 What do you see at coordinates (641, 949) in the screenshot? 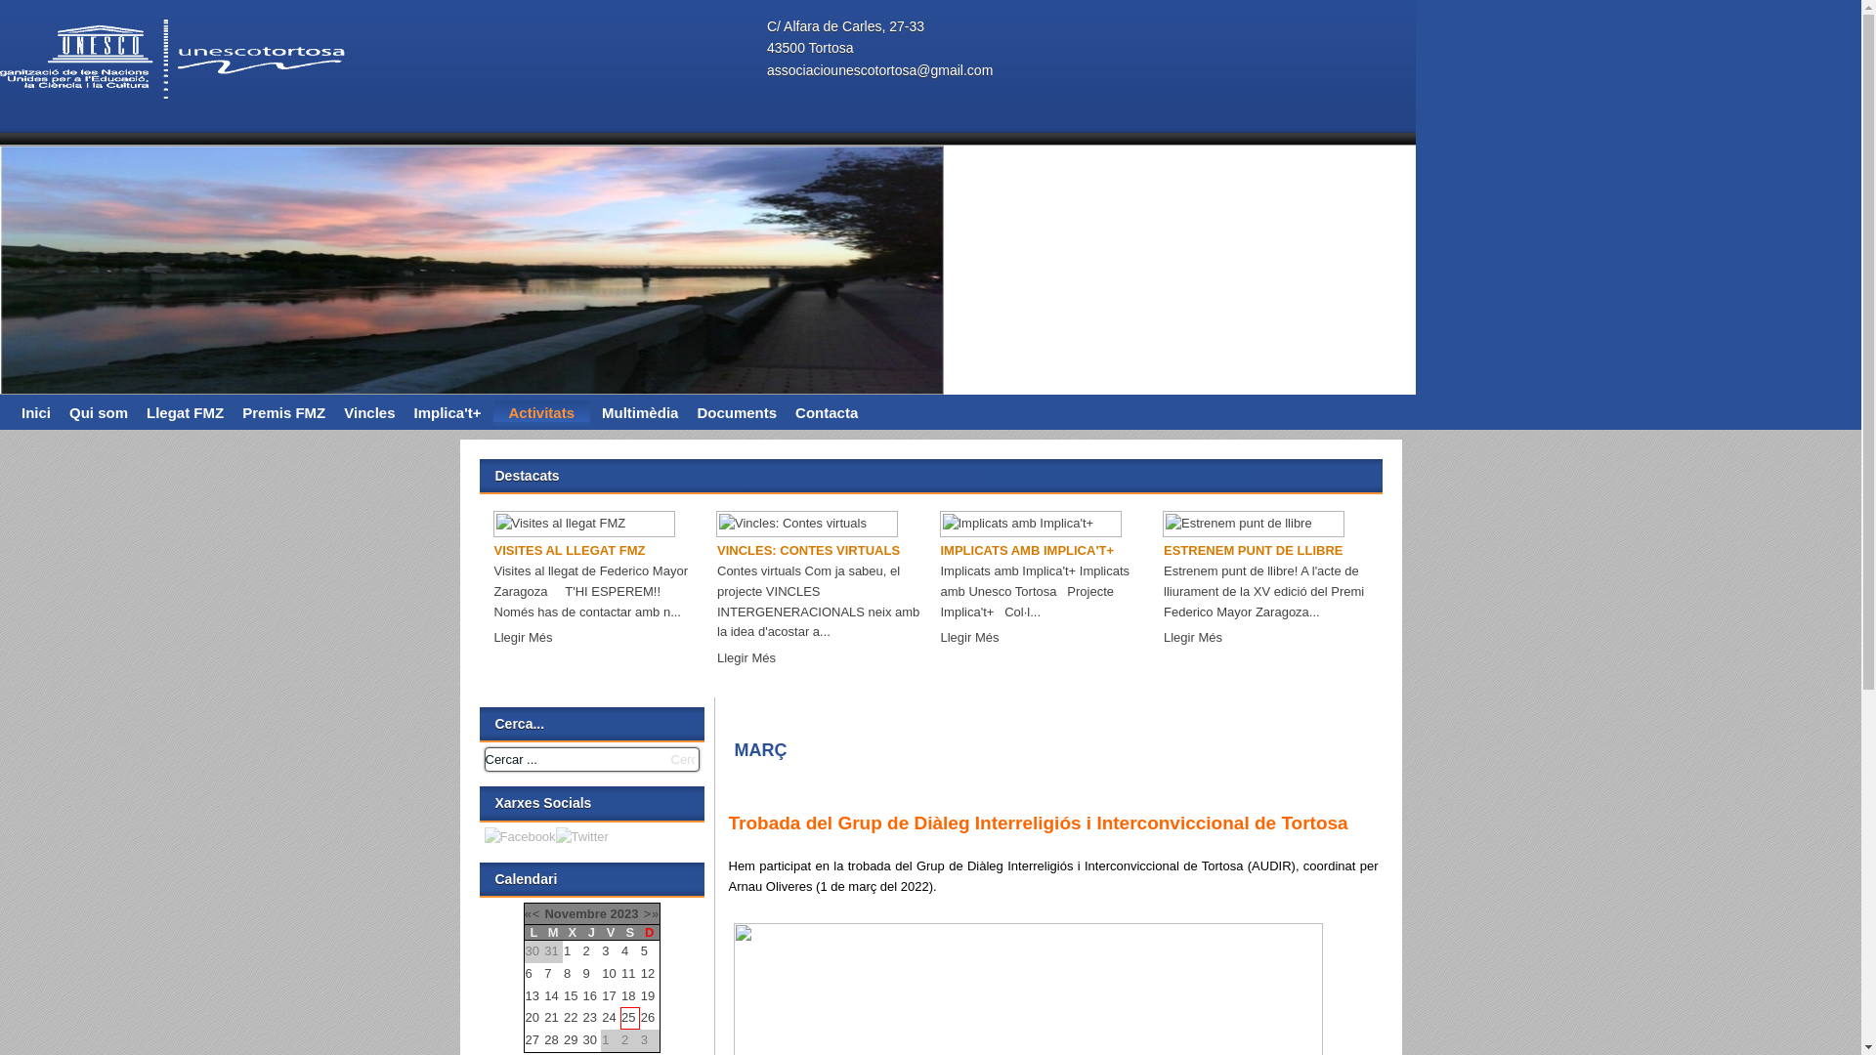
I see `'5'` at bounding box center [641, 949].